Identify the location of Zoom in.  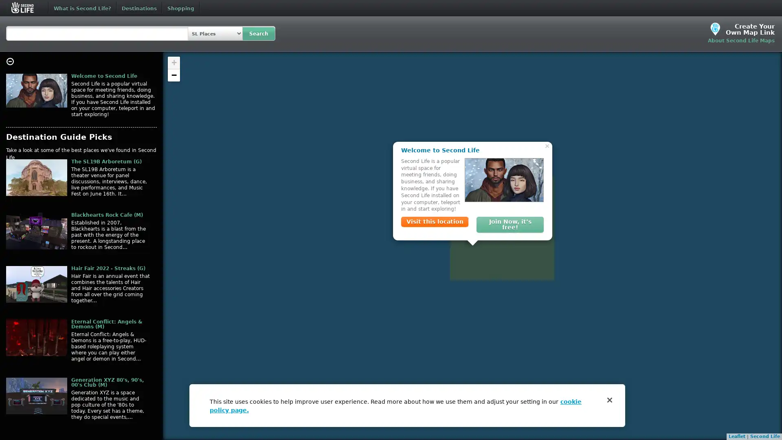
(174, 62).